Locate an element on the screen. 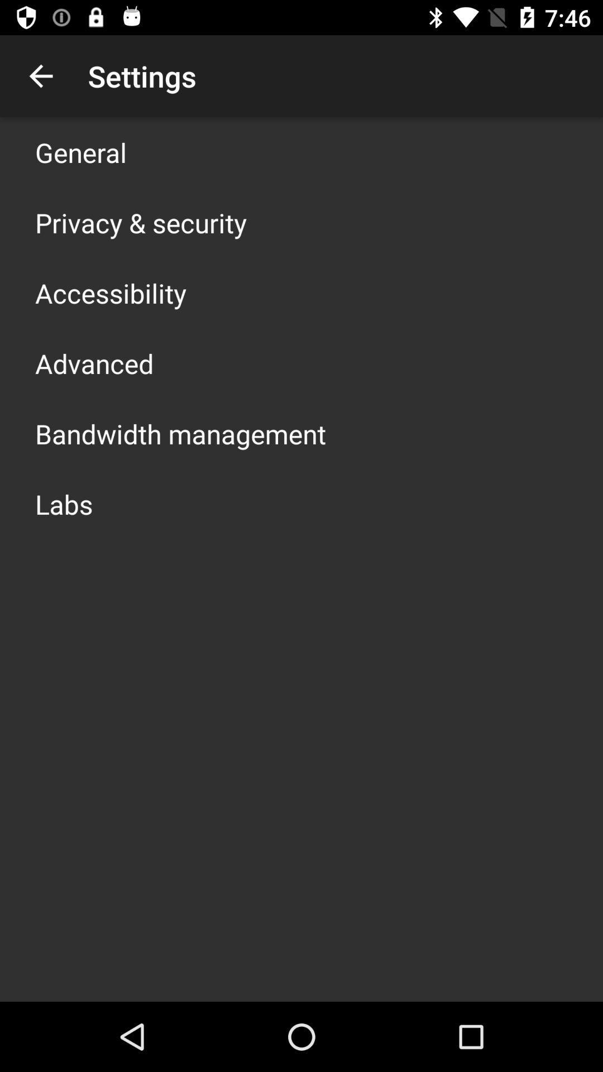 Image resolution: width=603 pixels, height=1072 pixels. the labs item is located at coordinates (64, 503).